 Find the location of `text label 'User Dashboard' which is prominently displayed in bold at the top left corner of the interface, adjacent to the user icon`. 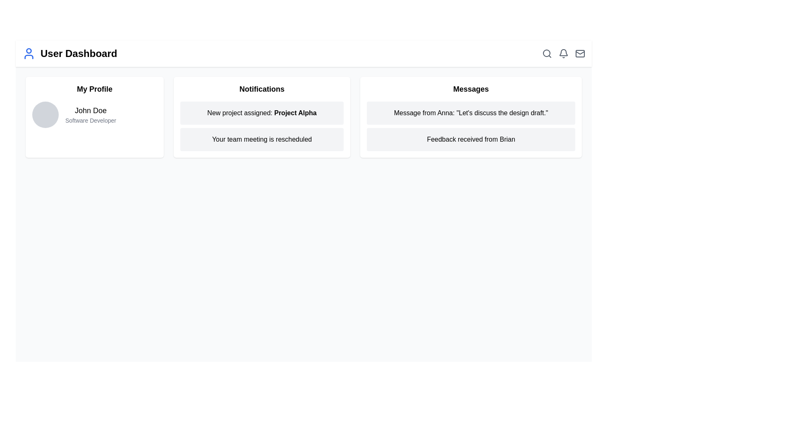

text label 'User Dashboard' which is prominently displayed in bold at the top left corner of the interface, adjacent to the user icon is located at coordinates (79, 54).